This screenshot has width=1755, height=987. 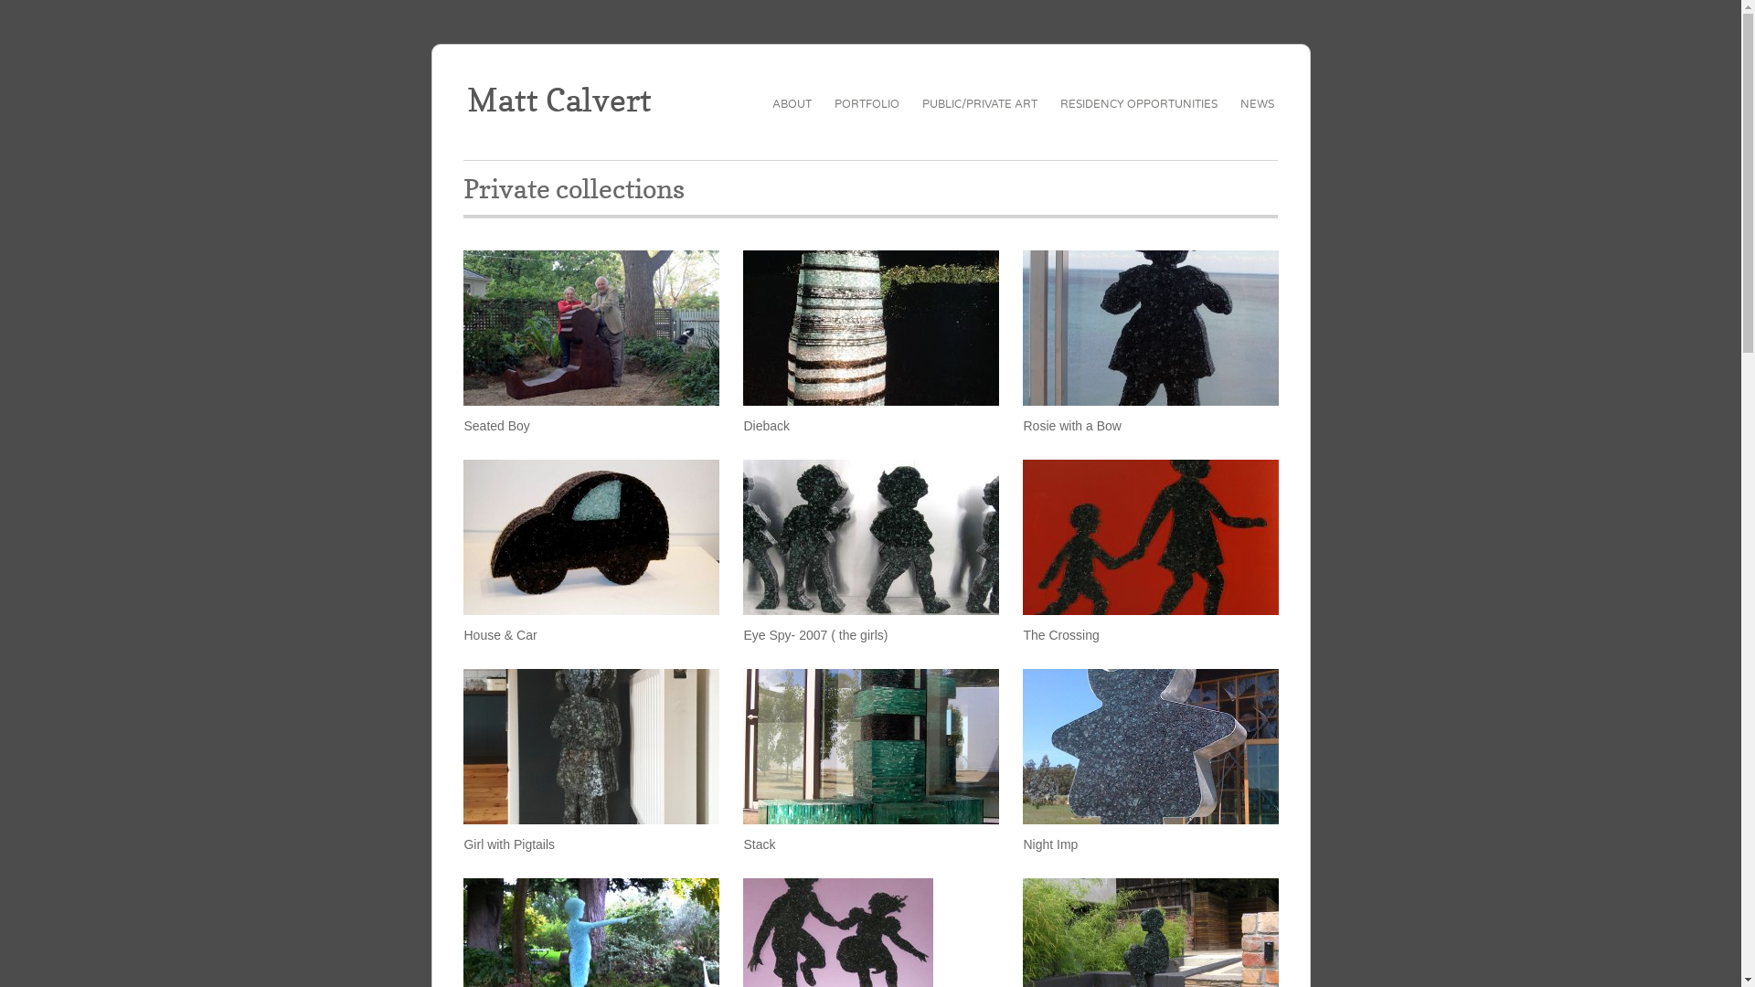 What do you see at coordinates (558, 99) in the screenshot?
I see `'Matt Calvert'` at bounding box center [558, 99].